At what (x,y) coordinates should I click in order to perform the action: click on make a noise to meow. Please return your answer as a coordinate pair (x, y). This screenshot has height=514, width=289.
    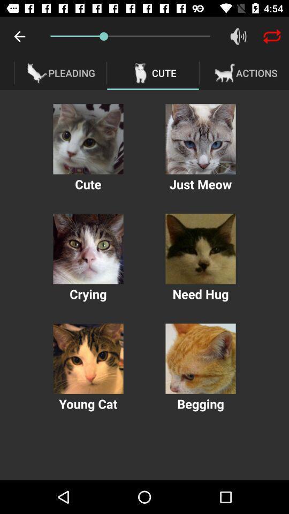
    Looking at the image, I should click on (200, 138).